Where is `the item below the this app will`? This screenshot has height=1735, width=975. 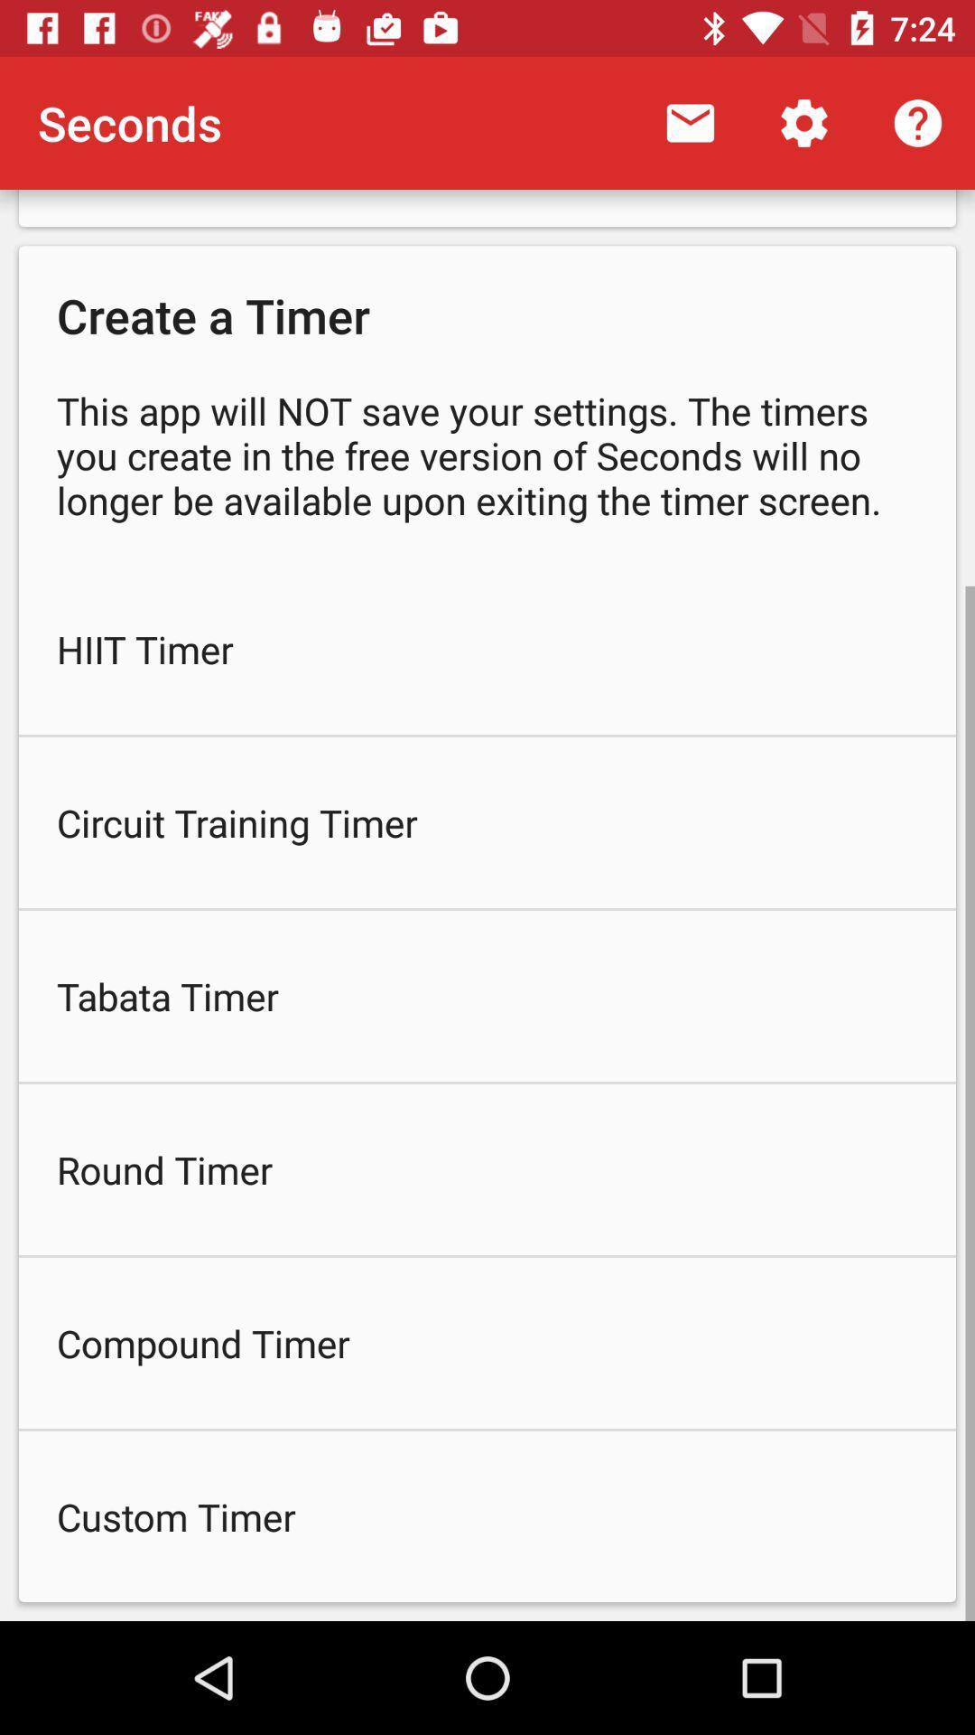
the item below the this app will is located at coordinates (487, 649).